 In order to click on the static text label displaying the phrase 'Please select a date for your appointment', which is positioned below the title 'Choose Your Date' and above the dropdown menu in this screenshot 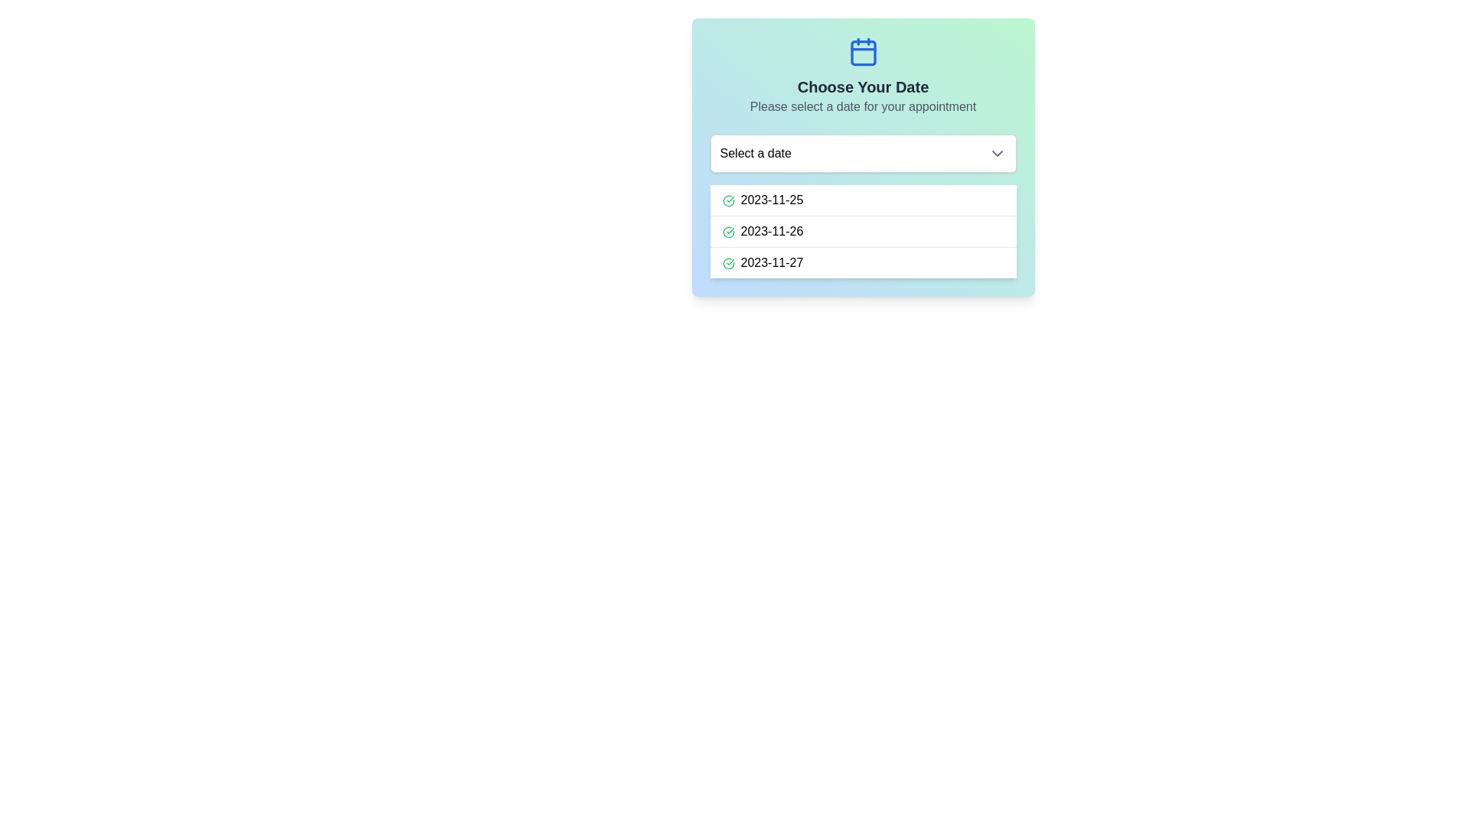, I will do `click(863, 106)`.